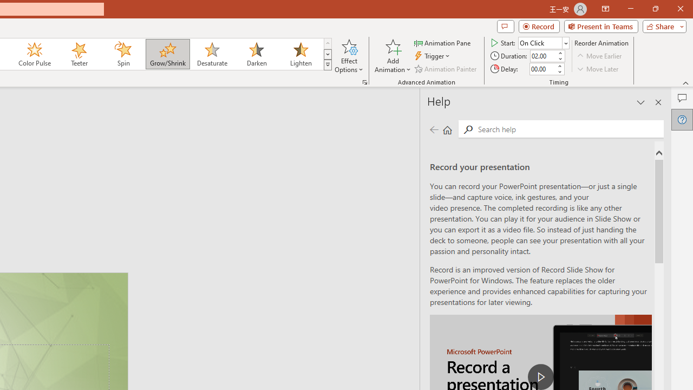 The width and height of the screenshot is (693, 390). I want to click on 'Animation Painter', so click(446, 69).